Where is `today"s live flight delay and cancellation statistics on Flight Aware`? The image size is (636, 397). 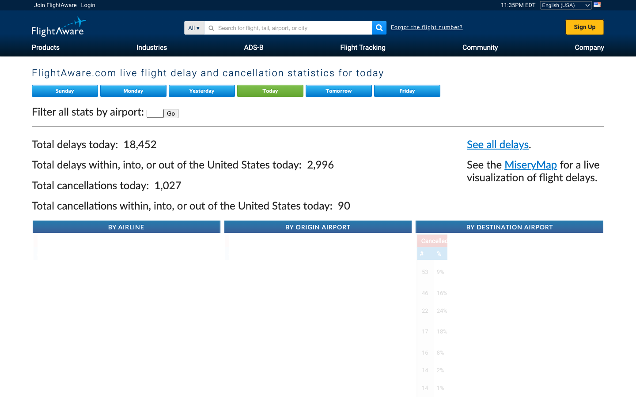
today"s live flight delay and cancellation statistics on Flight Aware is located at coordinates (271, 91).